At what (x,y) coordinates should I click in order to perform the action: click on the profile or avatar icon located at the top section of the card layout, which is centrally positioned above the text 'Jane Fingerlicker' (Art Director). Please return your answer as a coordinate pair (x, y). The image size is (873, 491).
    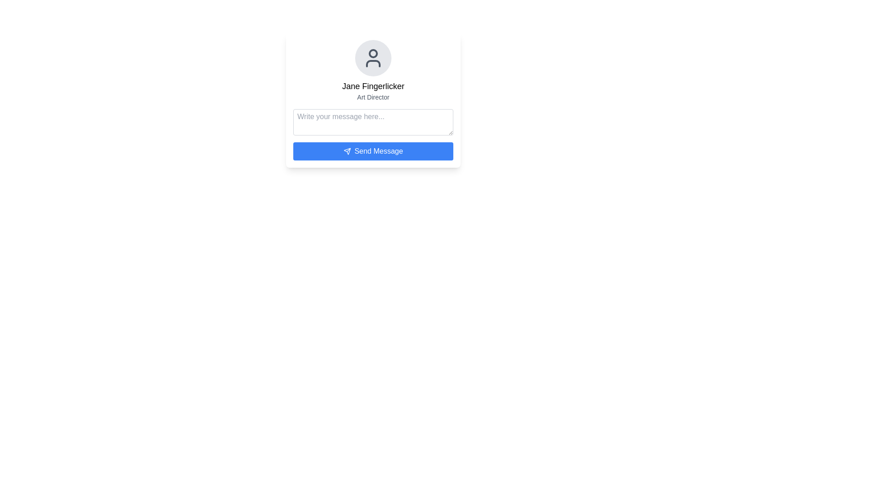
    Looking at the image, I should click on (373, 58).